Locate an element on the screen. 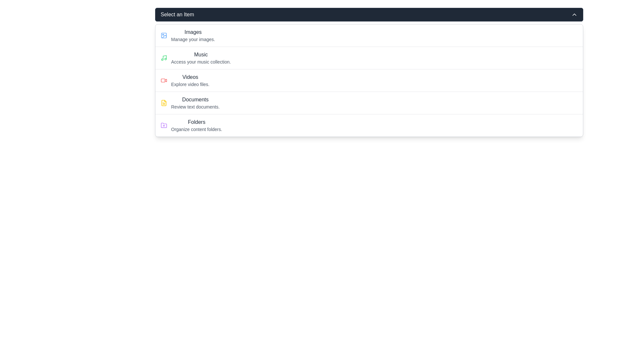 The height and width of the screenshot is (352, 627). the 'Videos' section title Text Label, which indicates the purpose of the section below it and is positioned between the 'Music' section and the 'Documents' section is located at coordinates (190, 77).